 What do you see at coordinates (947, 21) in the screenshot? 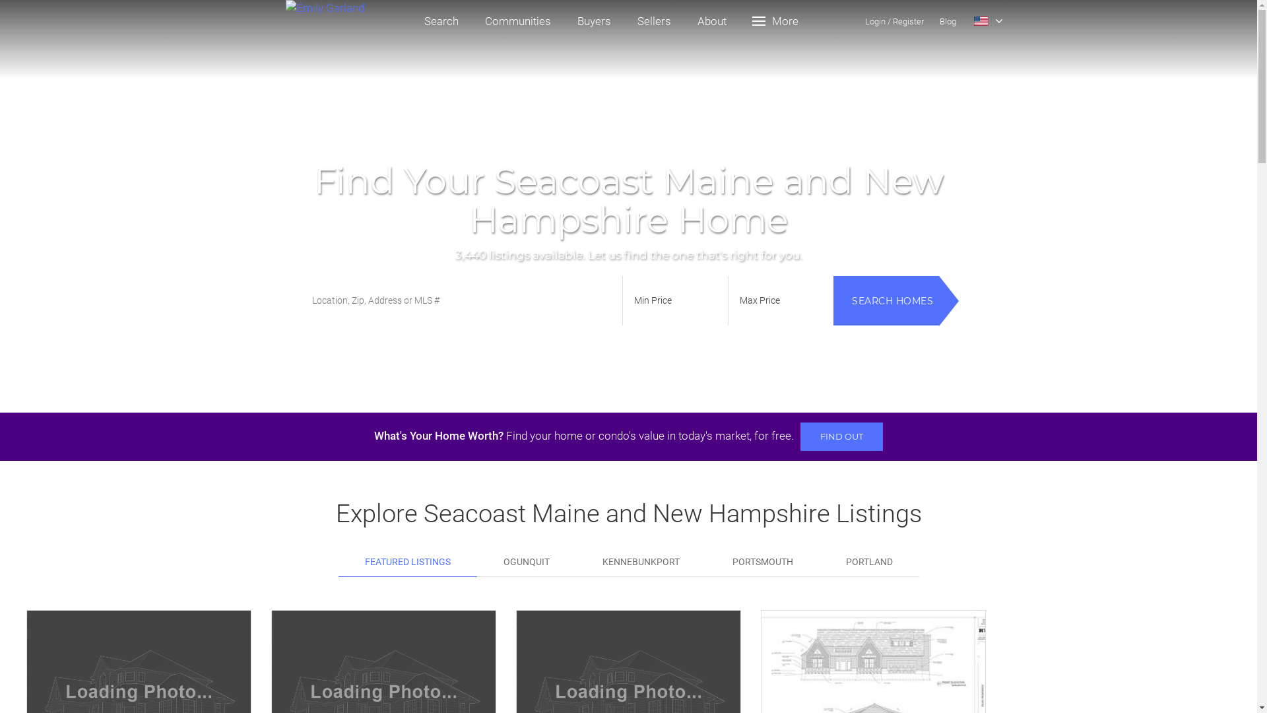
I see `'Blog'` at bounding box center [947, 21].